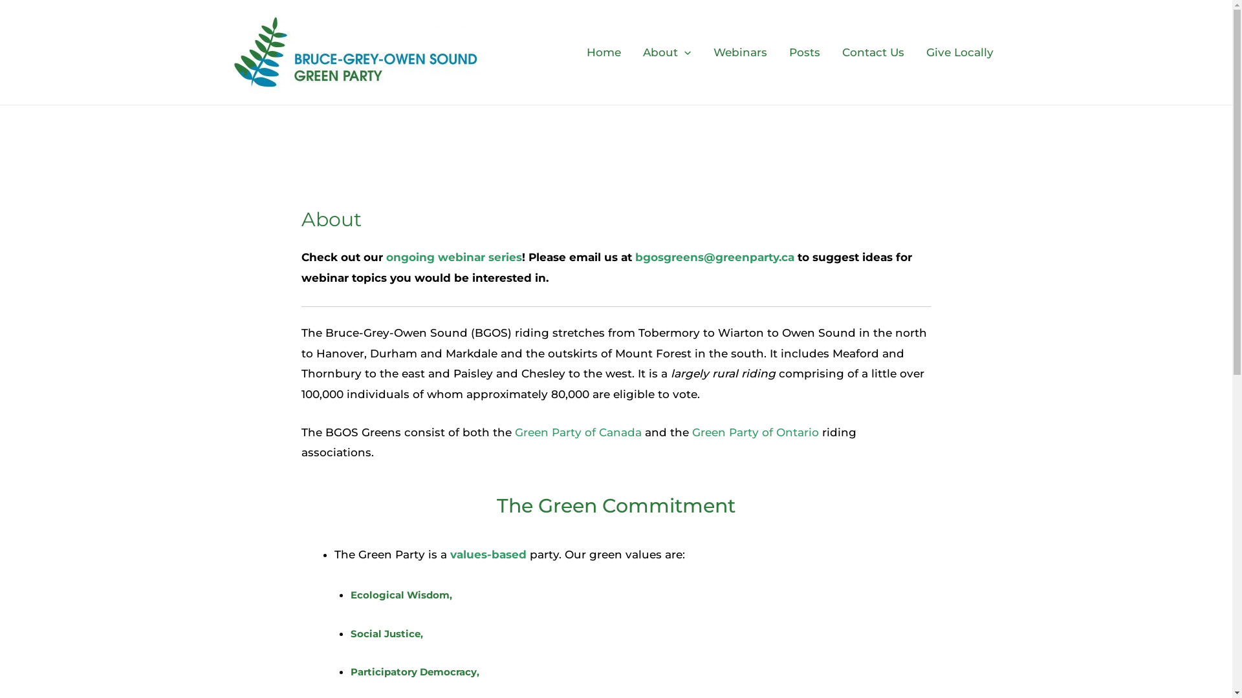  I want to click on 'bgosgreens@greenparty.ca', so click(714, 257).